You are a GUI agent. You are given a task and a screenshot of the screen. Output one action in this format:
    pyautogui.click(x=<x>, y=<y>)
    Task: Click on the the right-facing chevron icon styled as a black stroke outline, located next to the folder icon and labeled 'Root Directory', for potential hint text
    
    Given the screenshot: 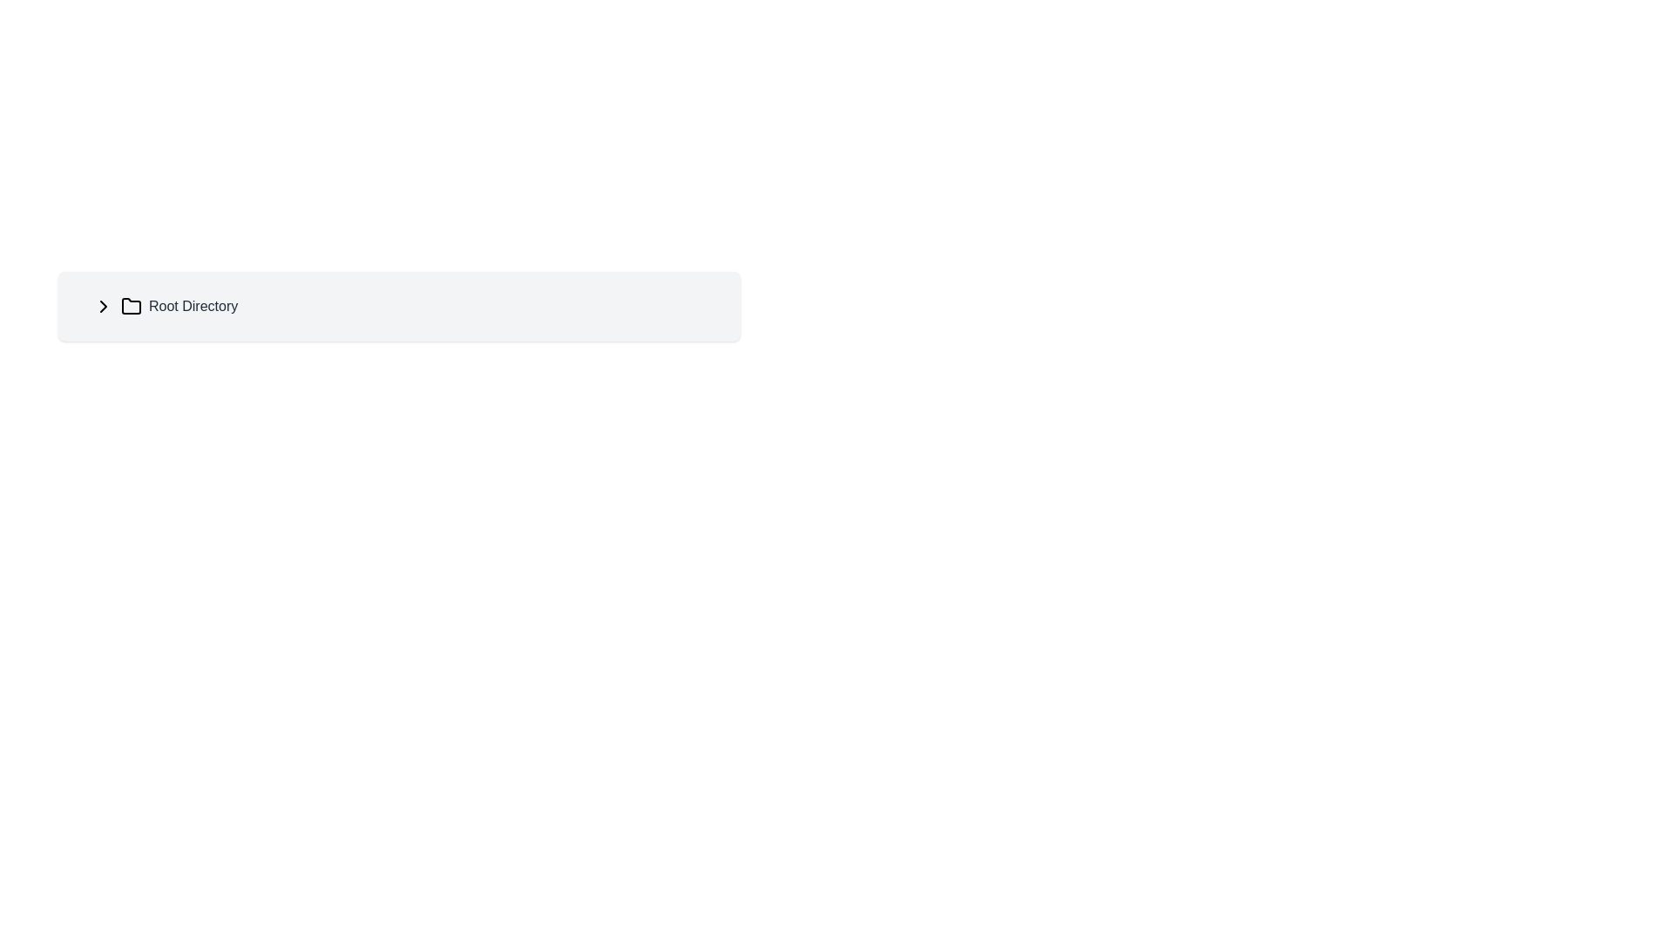 What is the action you would take?
    pyautogui.click(x=103, y=305)
    